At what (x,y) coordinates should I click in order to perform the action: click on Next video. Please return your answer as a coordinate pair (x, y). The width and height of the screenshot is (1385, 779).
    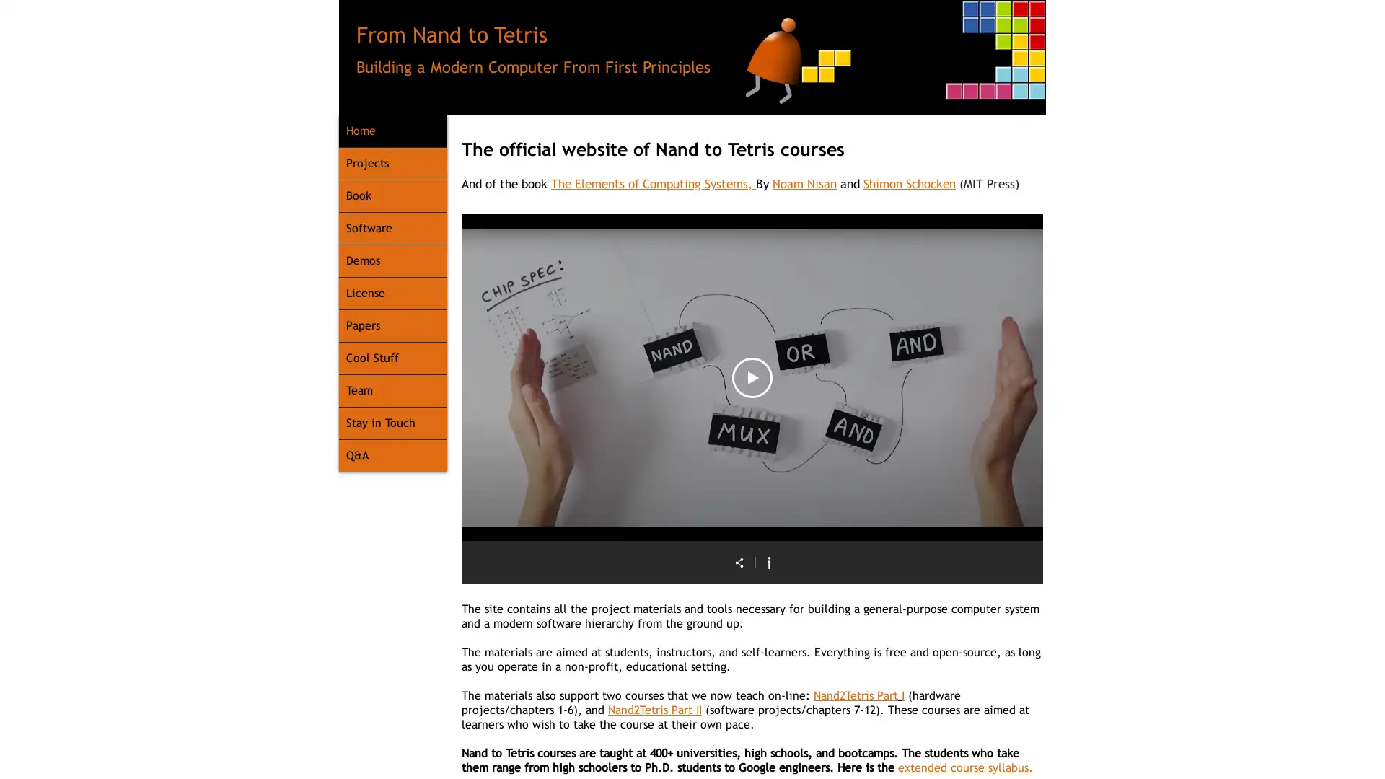
    Looking at the image, I should click on (1012, 377).